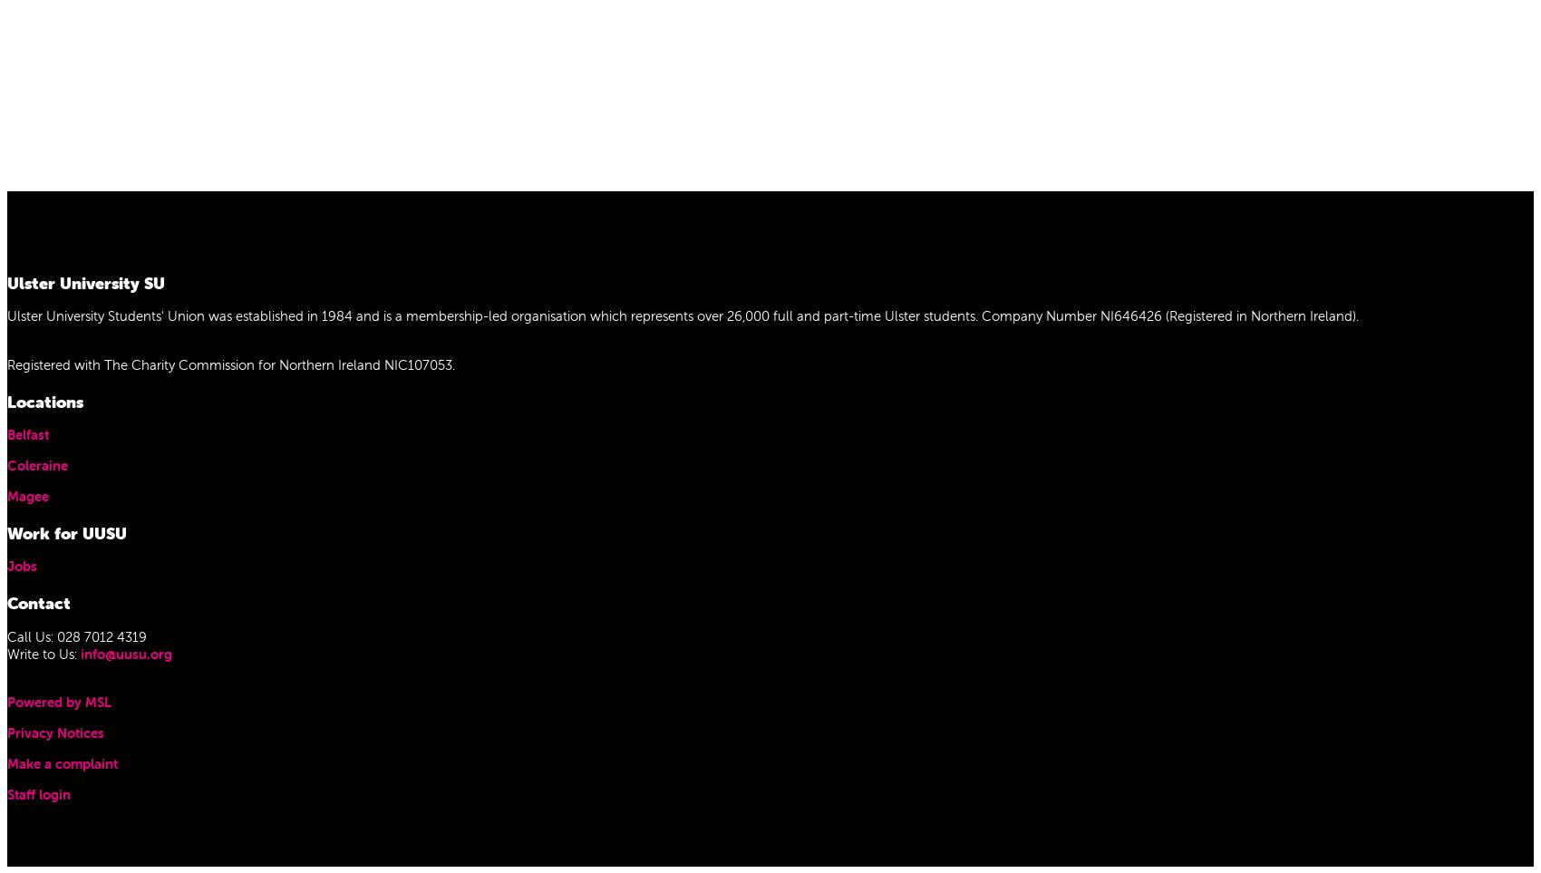 The width and height of the screenshot is (1541, 873). What do you see at coordinates (44, 400) in the screenshot?
I see `'Locations'` at bounding box center [44, 400].